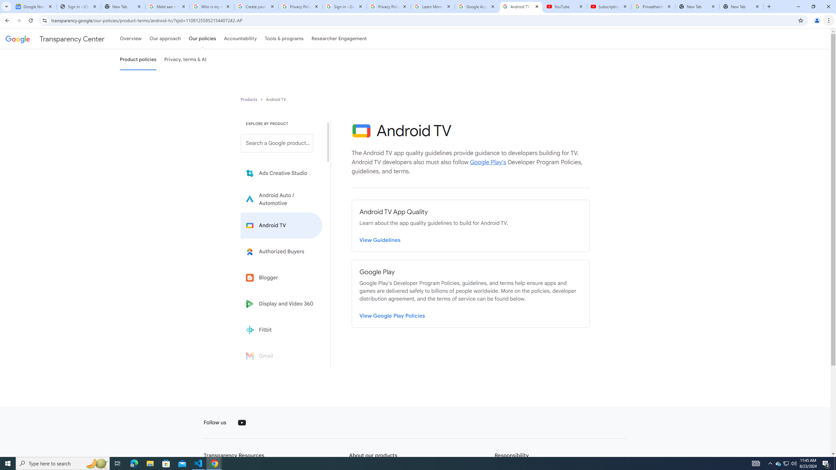 Image resolution: width=836 pixels, height=470 pixels. I want to click on 'Sign in - Google Accounts', so click(344, 6).